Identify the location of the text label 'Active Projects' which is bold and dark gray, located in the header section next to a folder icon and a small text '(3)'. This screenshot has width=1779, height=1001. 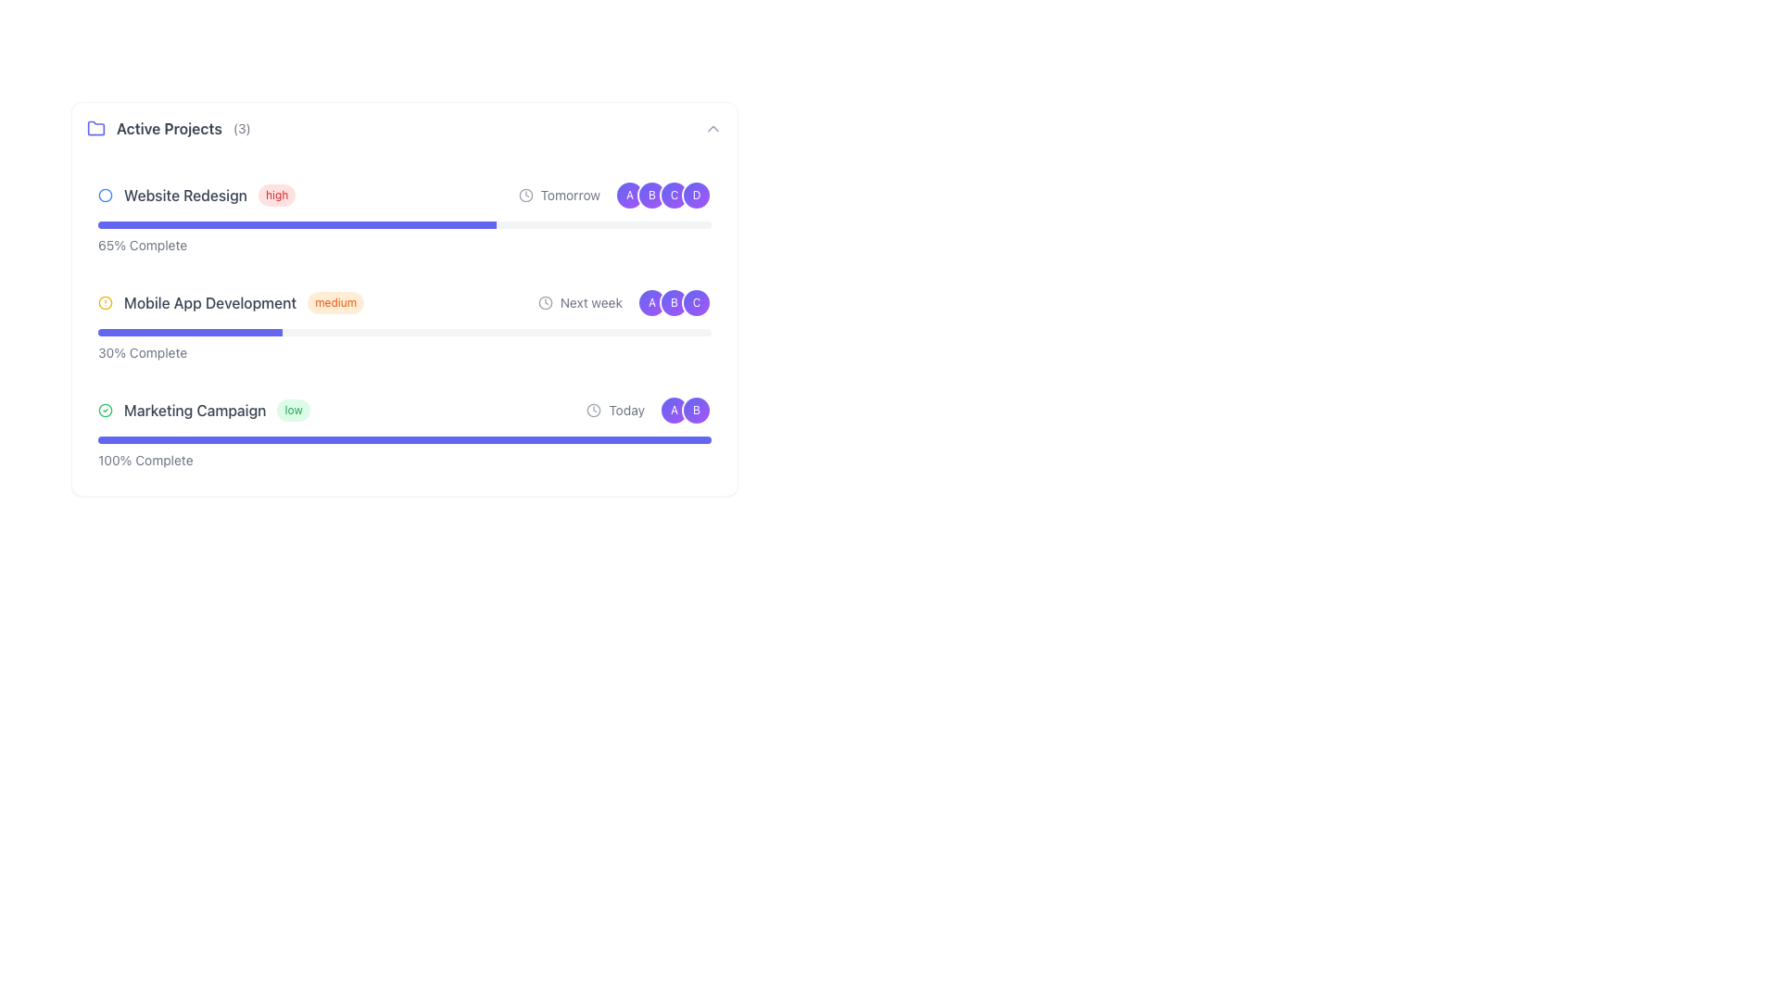
(169, 127).